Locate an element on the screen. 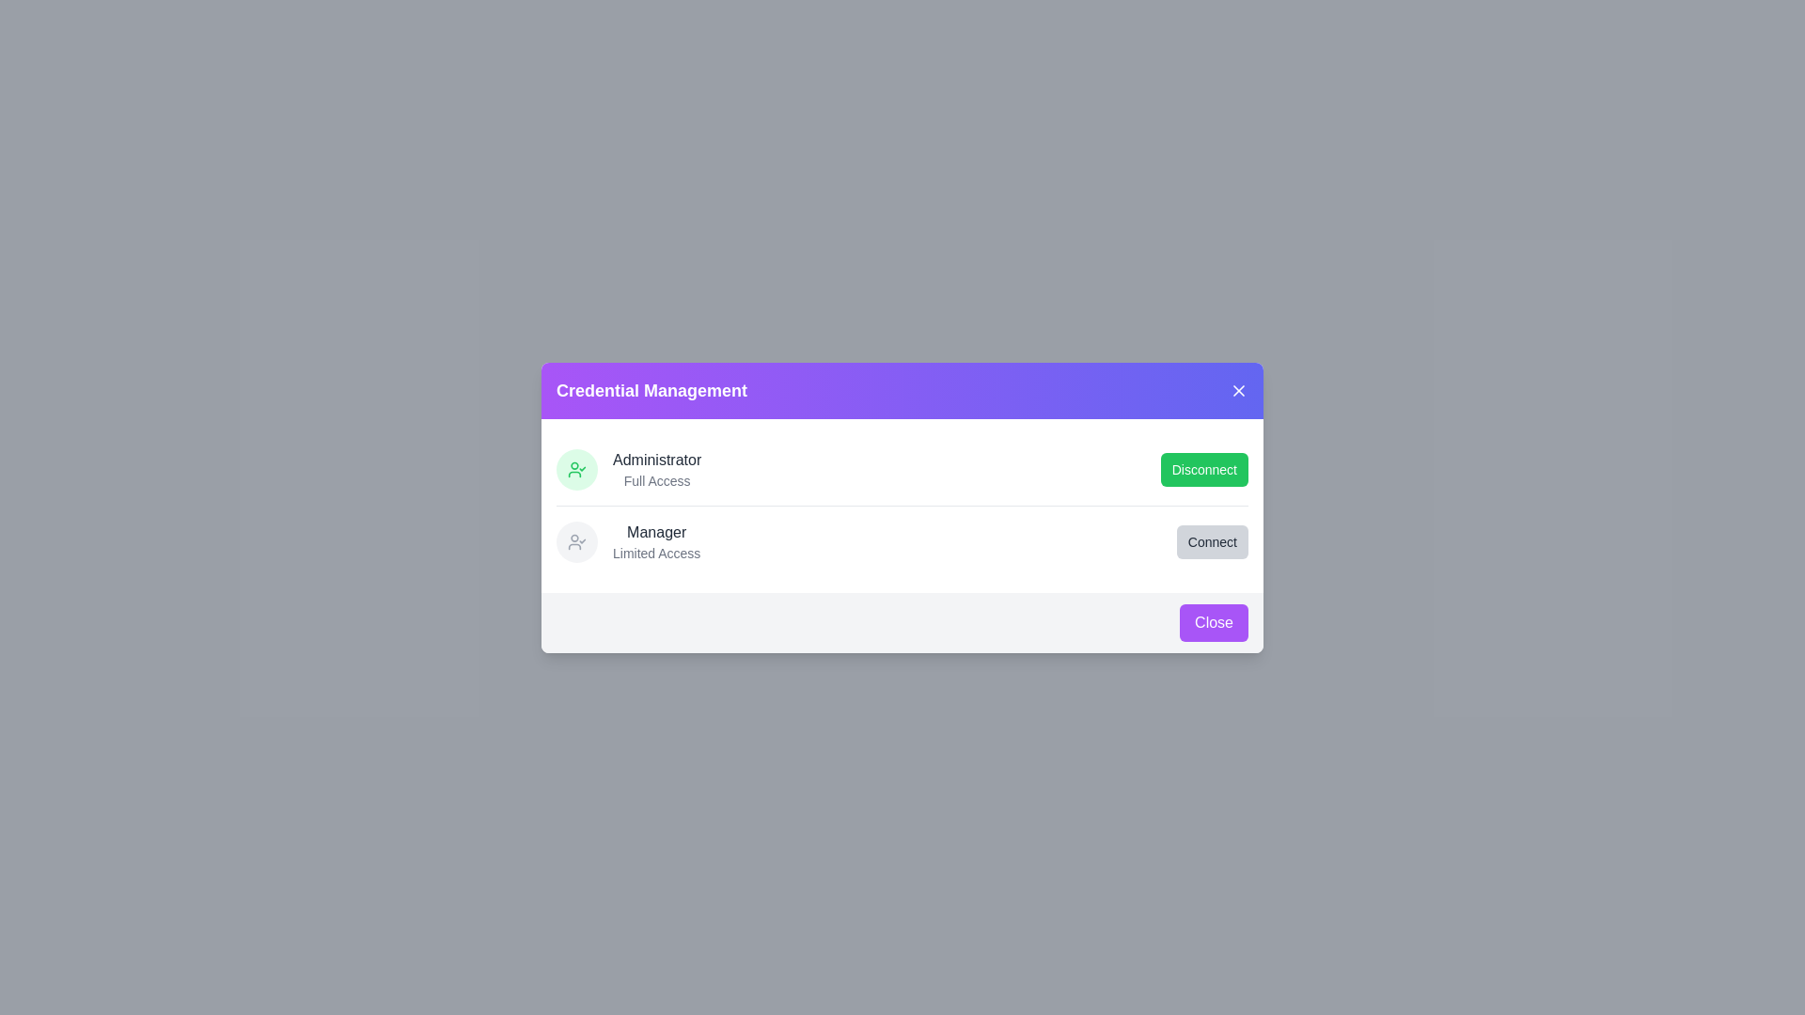 This screenshot has height=1015, width=1805. information displayed by the Composite element consisting of a green circular icon with a user-check symbol and the text 'Administrator' with 'Full Access' is located at coordinates (629, 468).